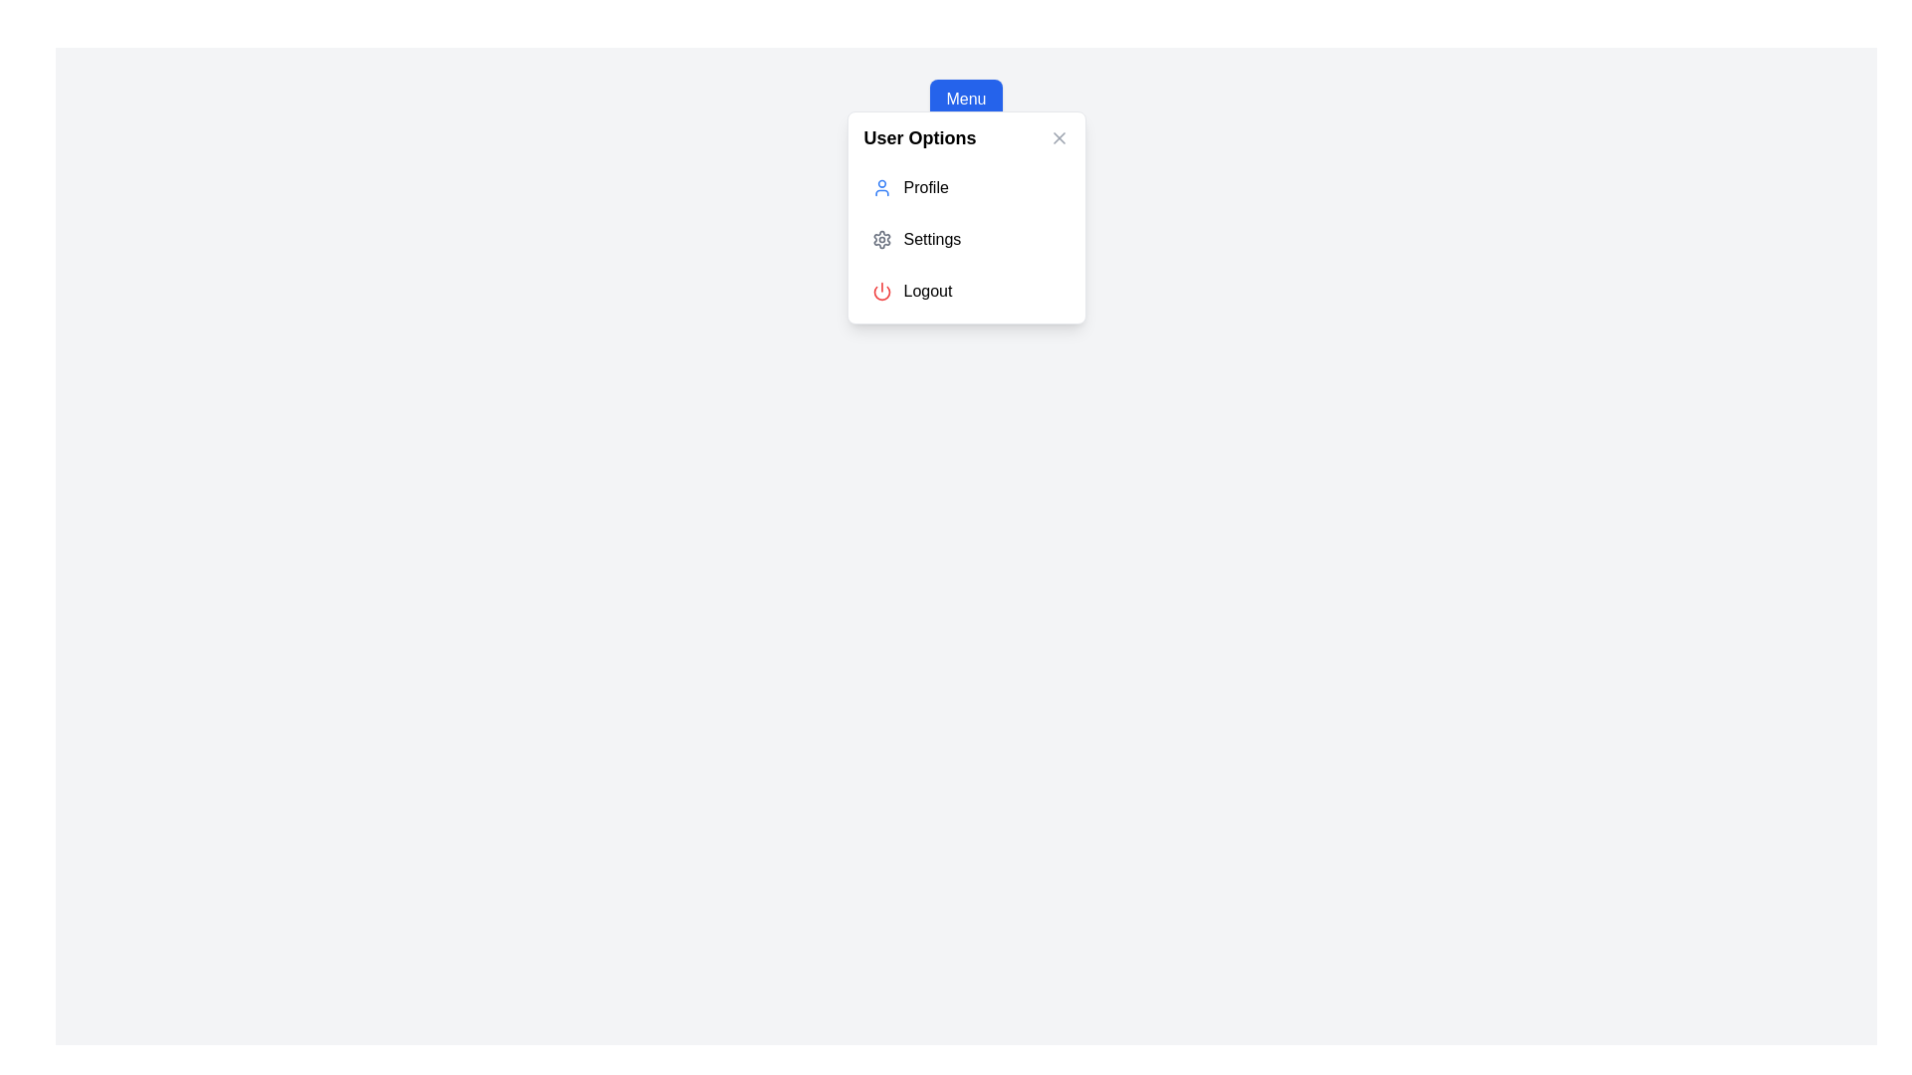 The image size is (1912, 1075). Describe the element at coordinates (880, 293) in the screenshot. I see `the circular portion of the power icon, which is located in the lower part of the SVG and indicates logout or quit functionality` at that location.